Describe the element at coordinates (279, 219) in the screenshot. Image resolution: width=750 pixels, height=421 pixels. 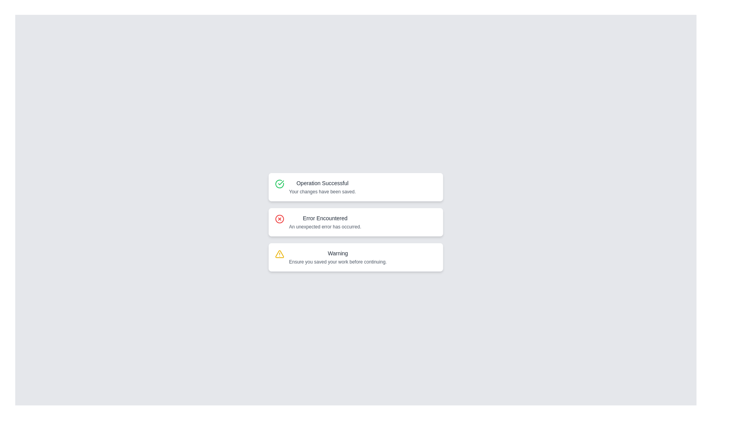
I see `the error icon located on the left side of the 'Error Encountered' notification area, which visually represents an alert` at that location.